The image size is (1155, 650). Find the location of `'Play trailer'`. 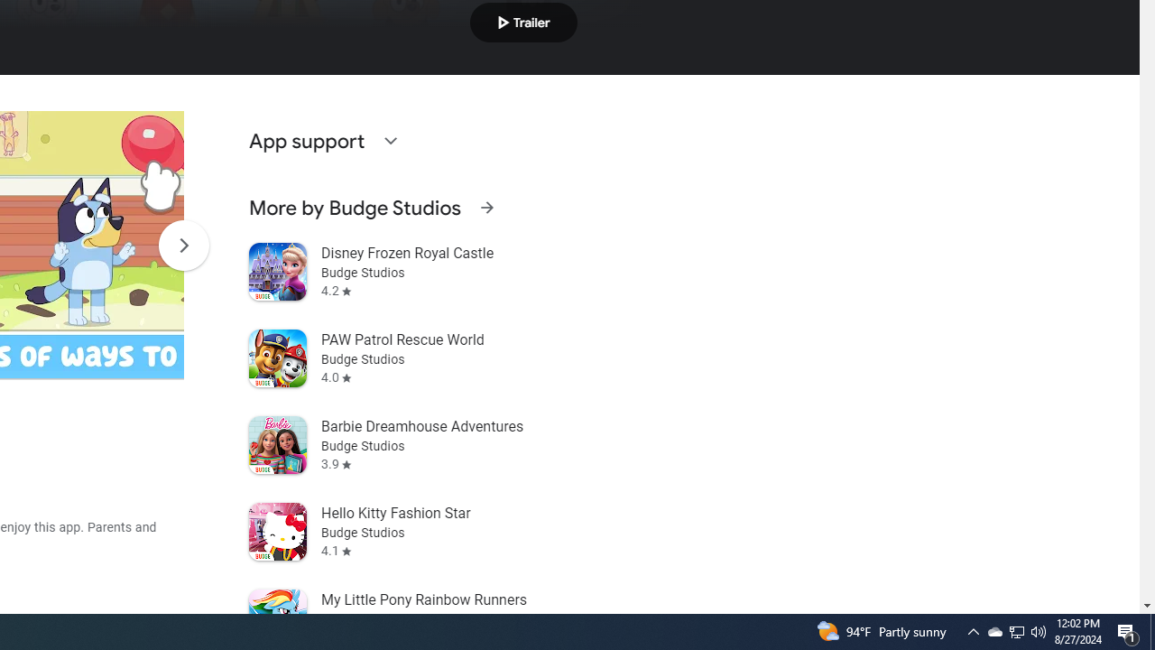

'Play trailer' is located at coordinates (522, 22).